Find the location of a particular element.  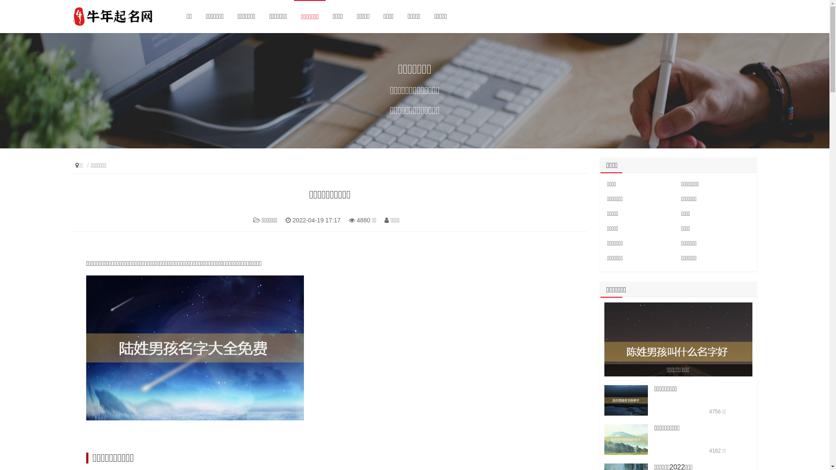

'/rundata/article/12sx/220415/10799.jpg' is located at coordinates (626, 440).